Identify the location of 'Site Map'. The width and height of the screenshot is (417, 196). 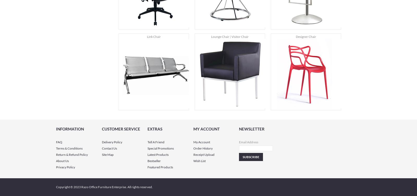
(107, 154).